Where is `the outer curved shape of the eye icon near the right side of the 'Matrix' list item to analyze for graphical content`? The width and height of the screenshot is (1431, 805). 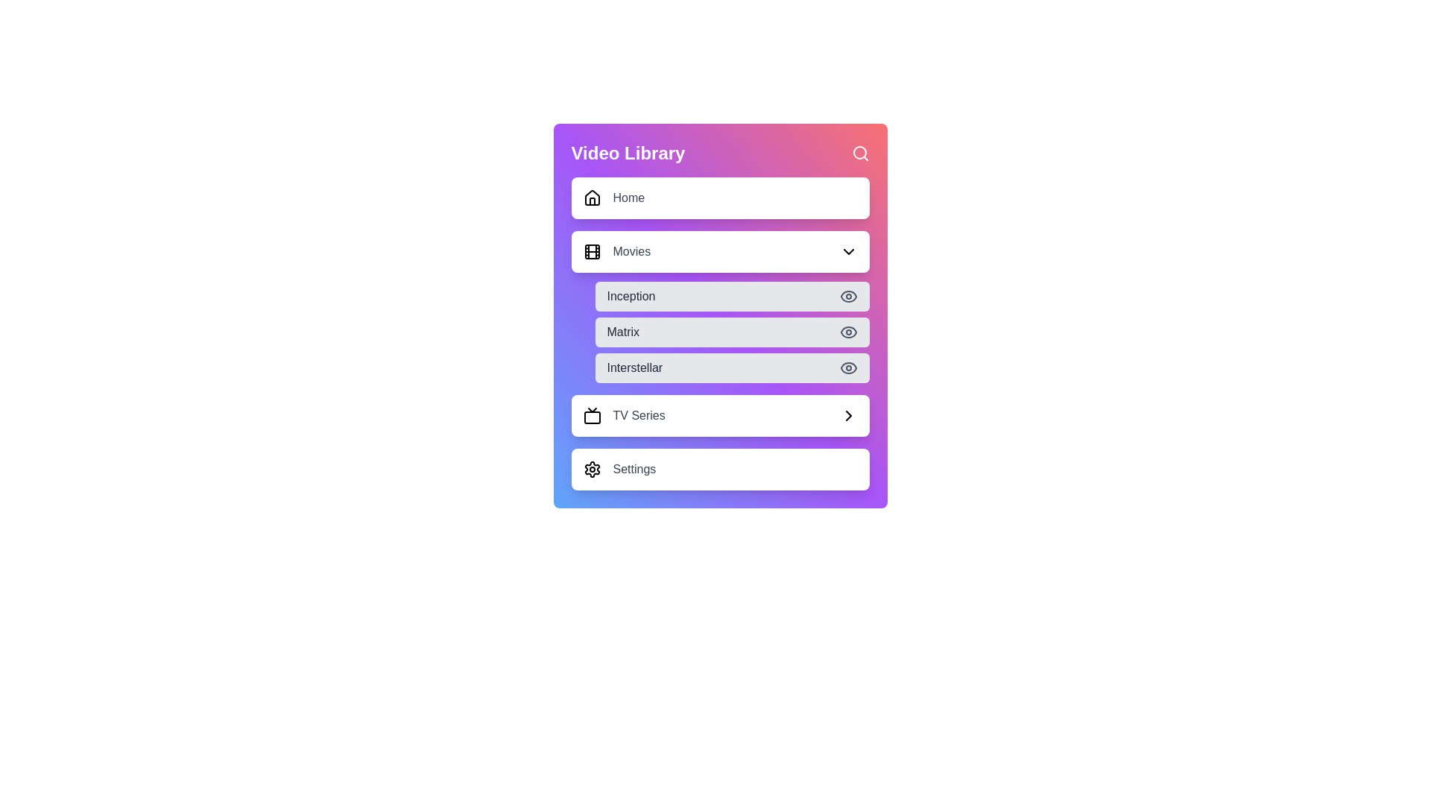
the outer curved shape of the eye icon near the right side of the 'Matrix' list item to analyze for graphical content is located at coordinates (848, 332).